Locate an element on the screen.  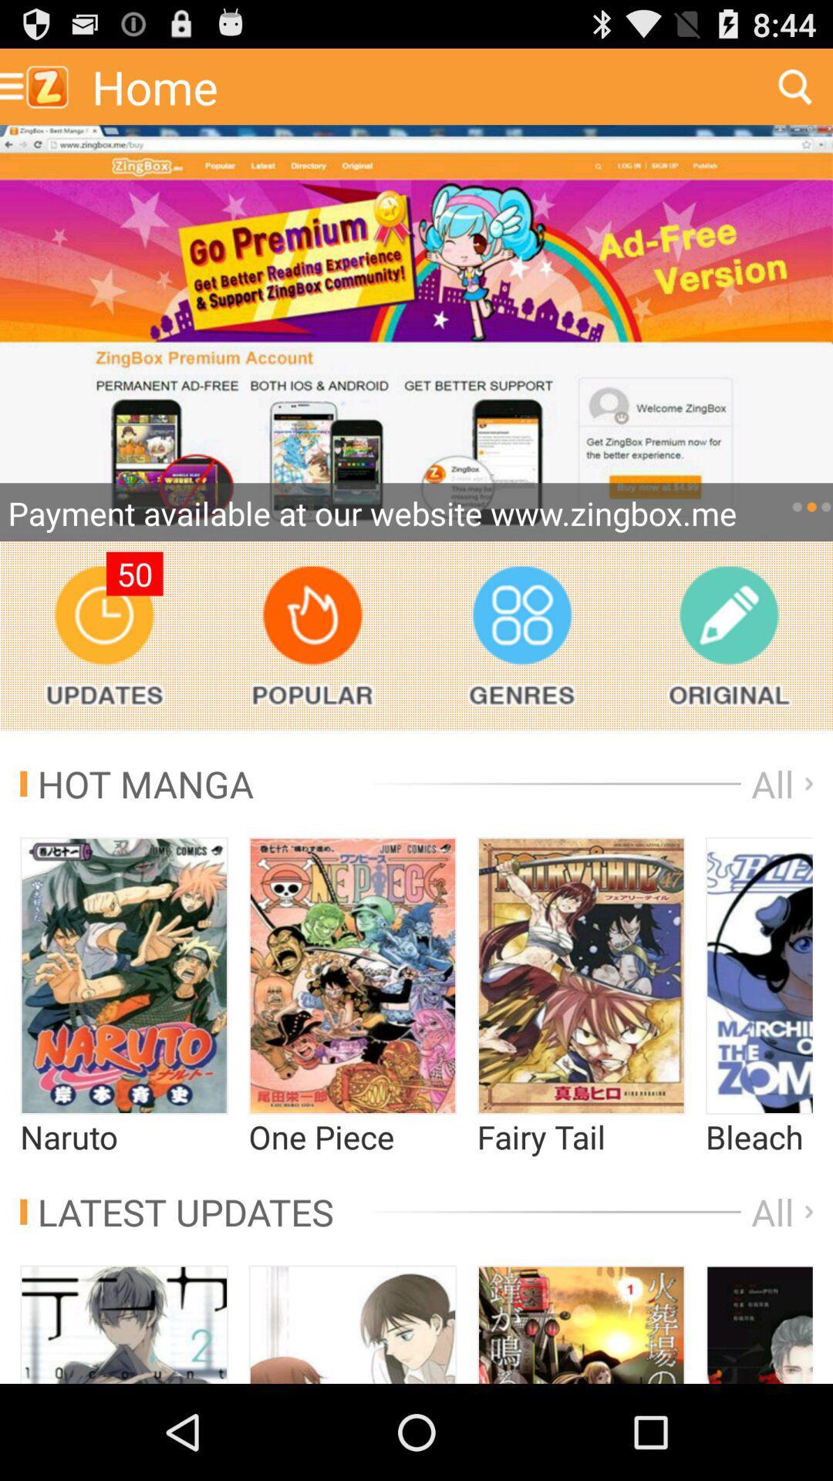
open file is located at coordinates (758, 975).